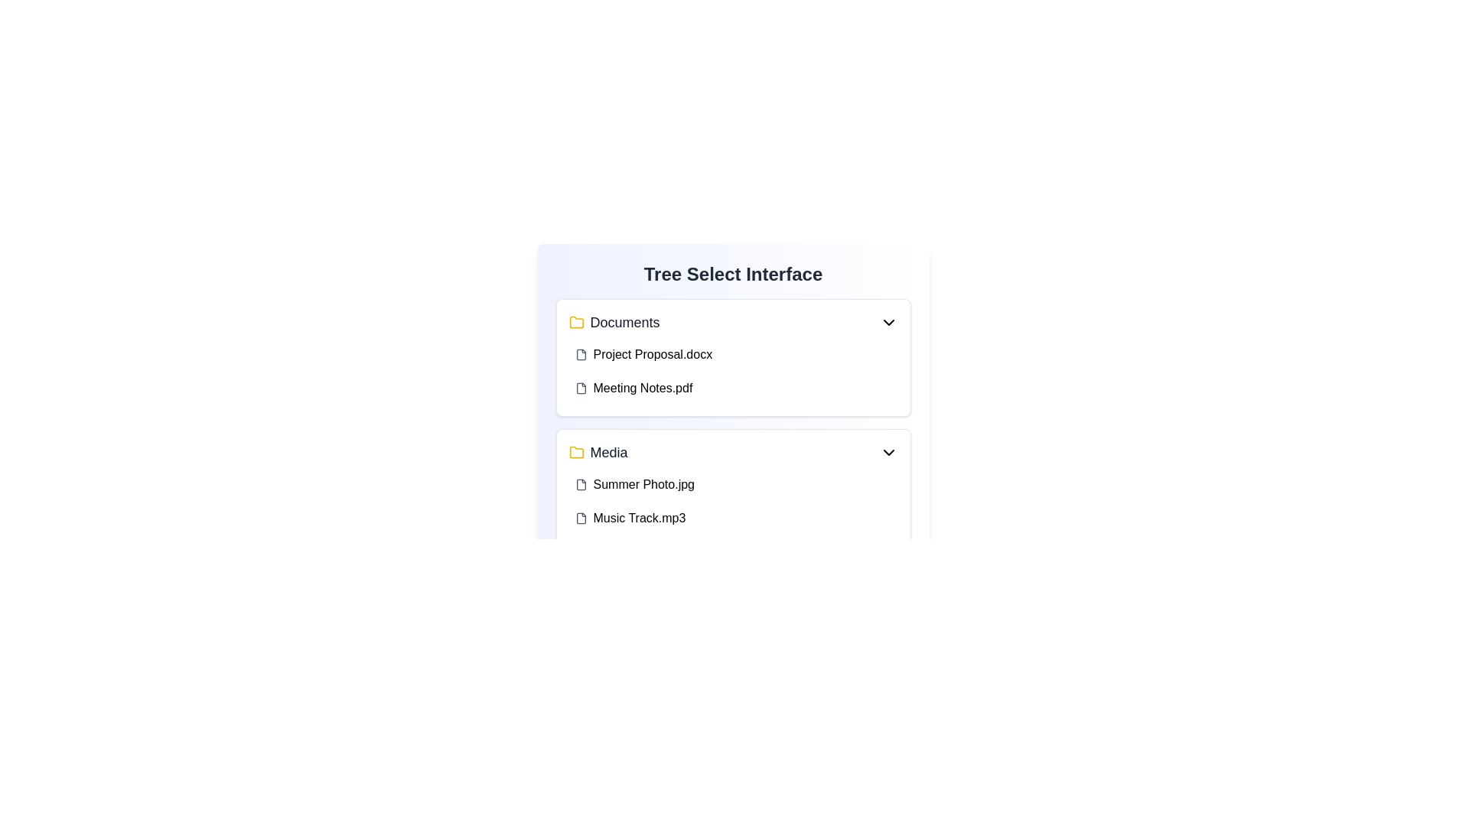  What do you see at coordinates (580, 518) in the screenshot?
I see `the file icon representing 'Music Track.mp3' by moving the mouse cursor to its center point` at bounding box center [580, 518].